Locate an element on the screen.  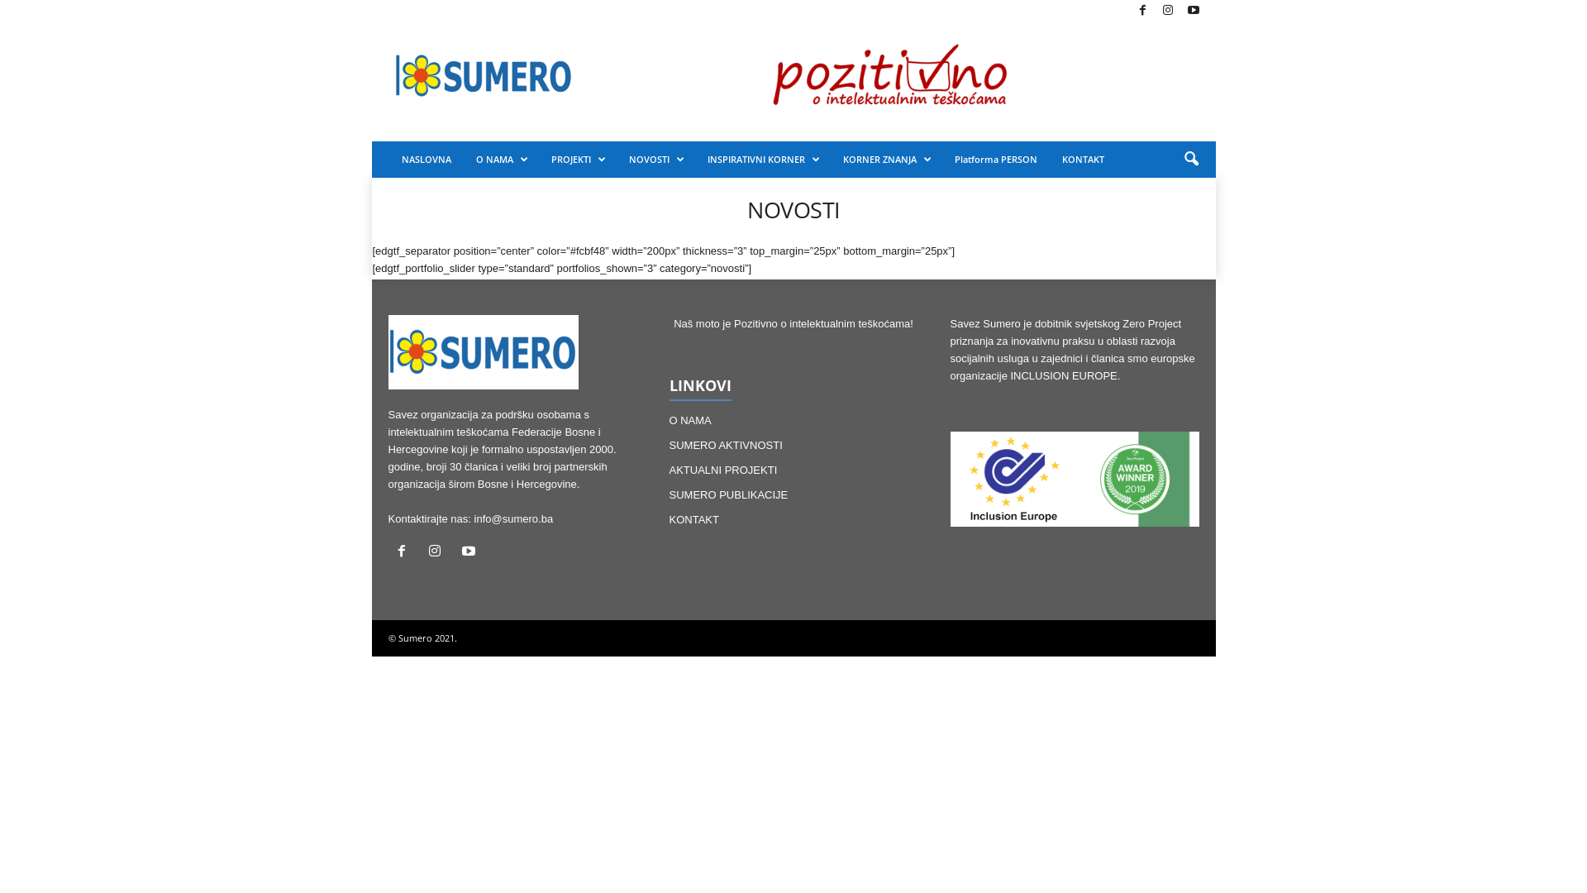
'Facebook' is located at coordinates (1141, 11).